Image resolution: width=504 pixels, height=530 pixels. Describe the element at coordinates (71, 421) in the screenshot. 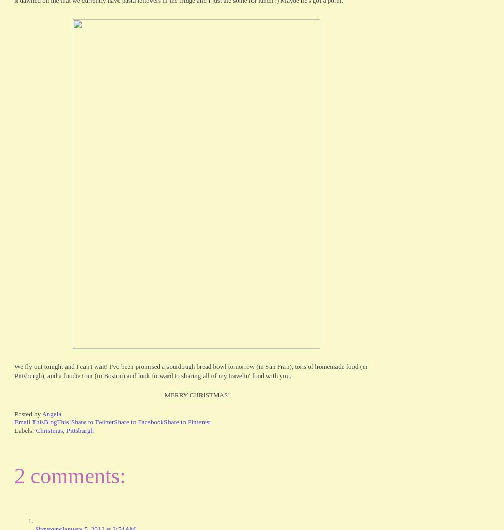

I see `'Share to Twitter'` at that location.